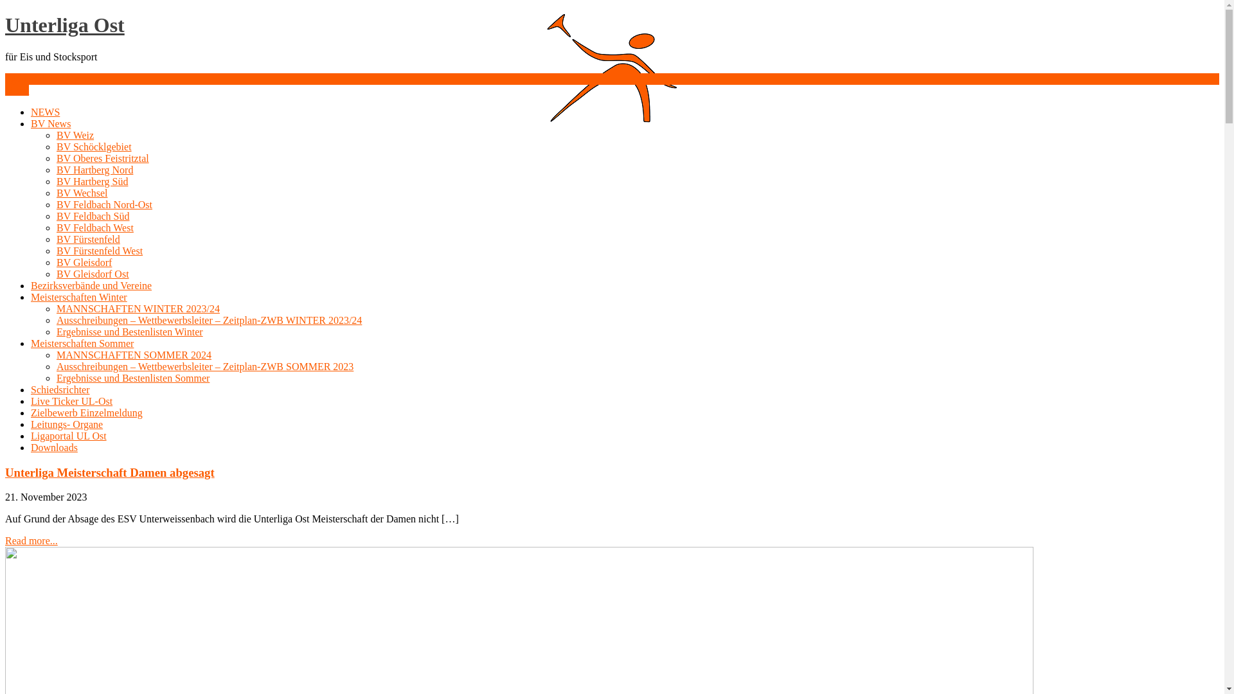  I want to click on 'Ergebnisse und Bestenlisten Winter', so click(129, 331).